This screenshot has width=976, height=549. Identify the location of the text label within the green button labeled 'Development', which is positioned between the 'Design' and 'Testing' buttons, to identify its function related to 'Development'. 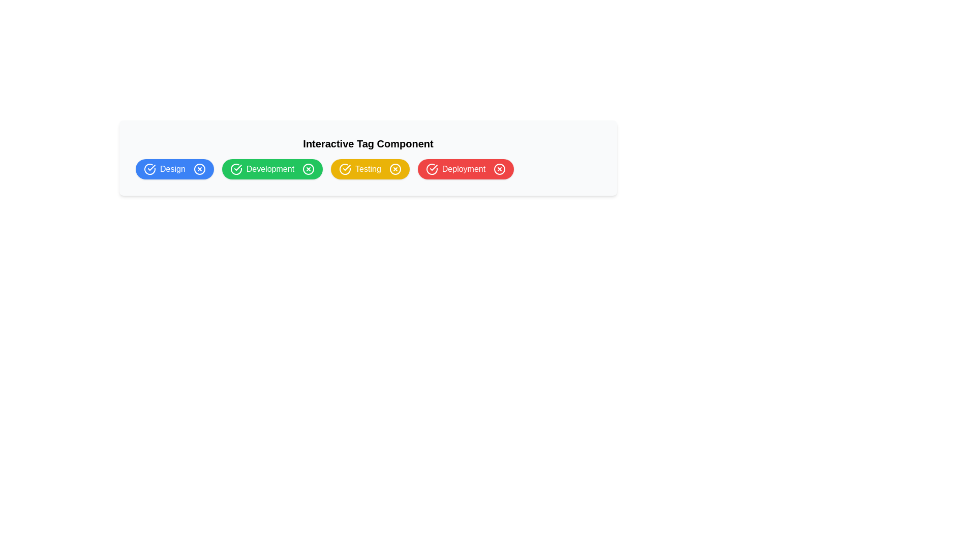
(270, 168).